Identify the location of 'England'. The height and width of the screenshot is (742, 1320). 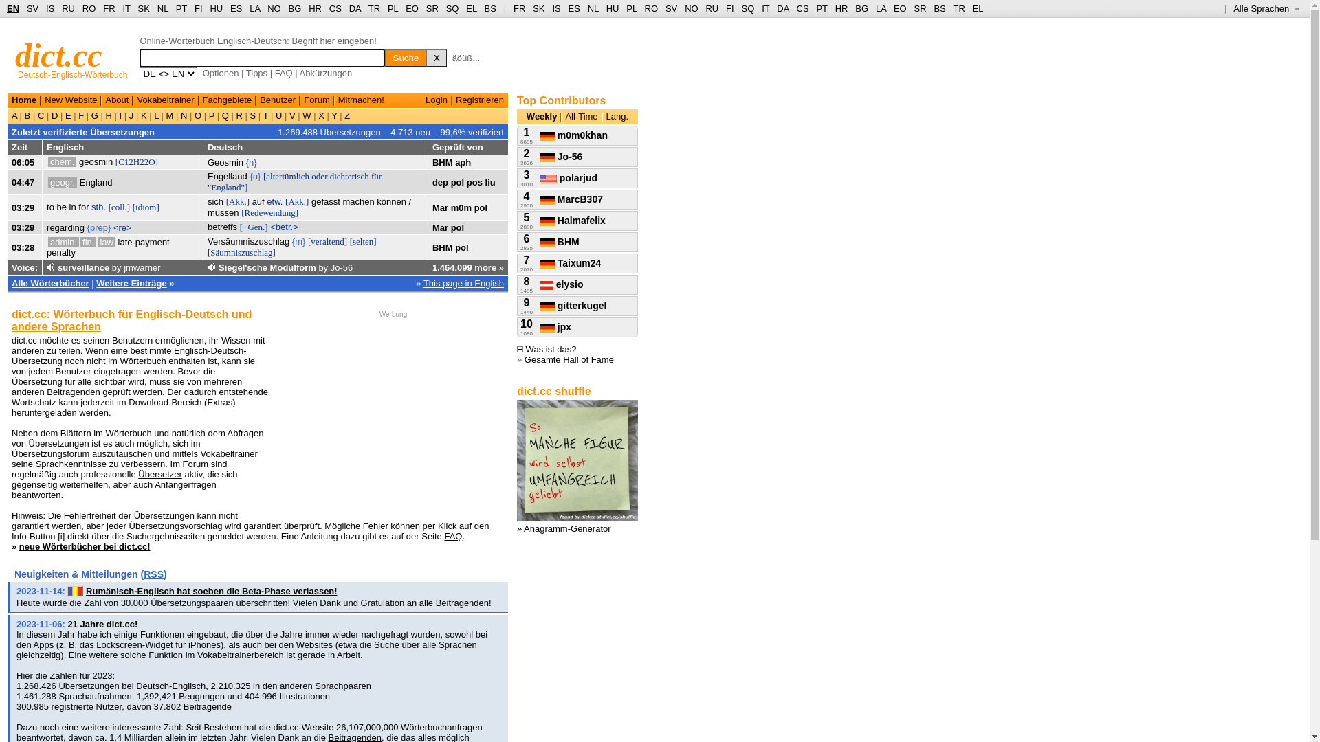
(95, 181).